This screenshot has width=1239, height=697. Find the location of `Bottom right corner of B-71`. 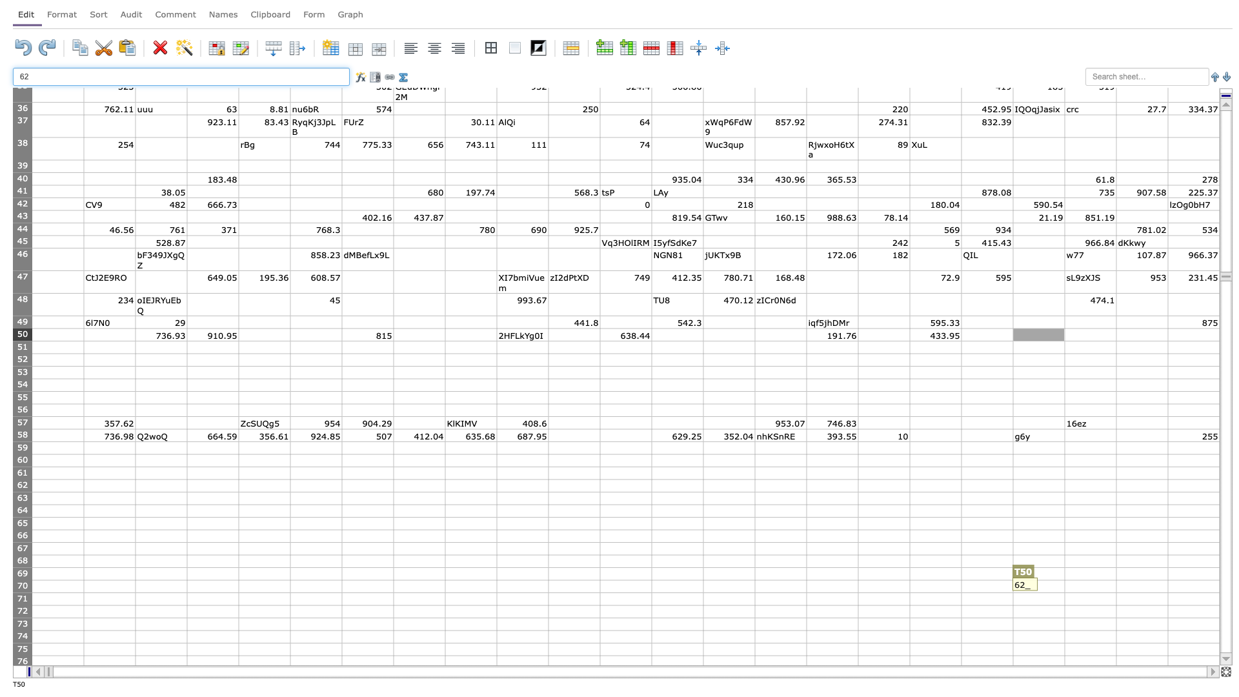

Bottom right corner of B-71 is located at coordinates (136, 605).